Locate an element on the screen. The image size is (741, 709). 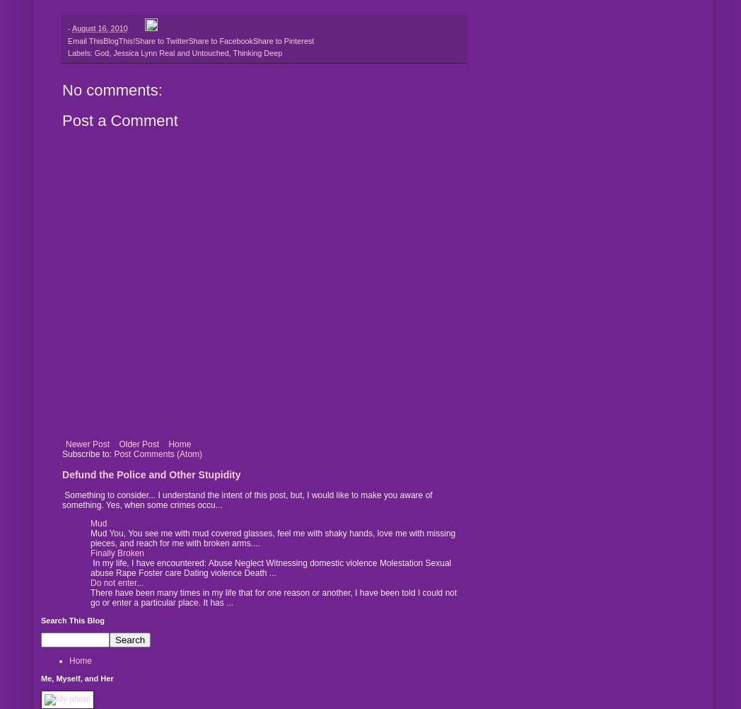
'Post a Comment' is located at coordinates (119, 120).